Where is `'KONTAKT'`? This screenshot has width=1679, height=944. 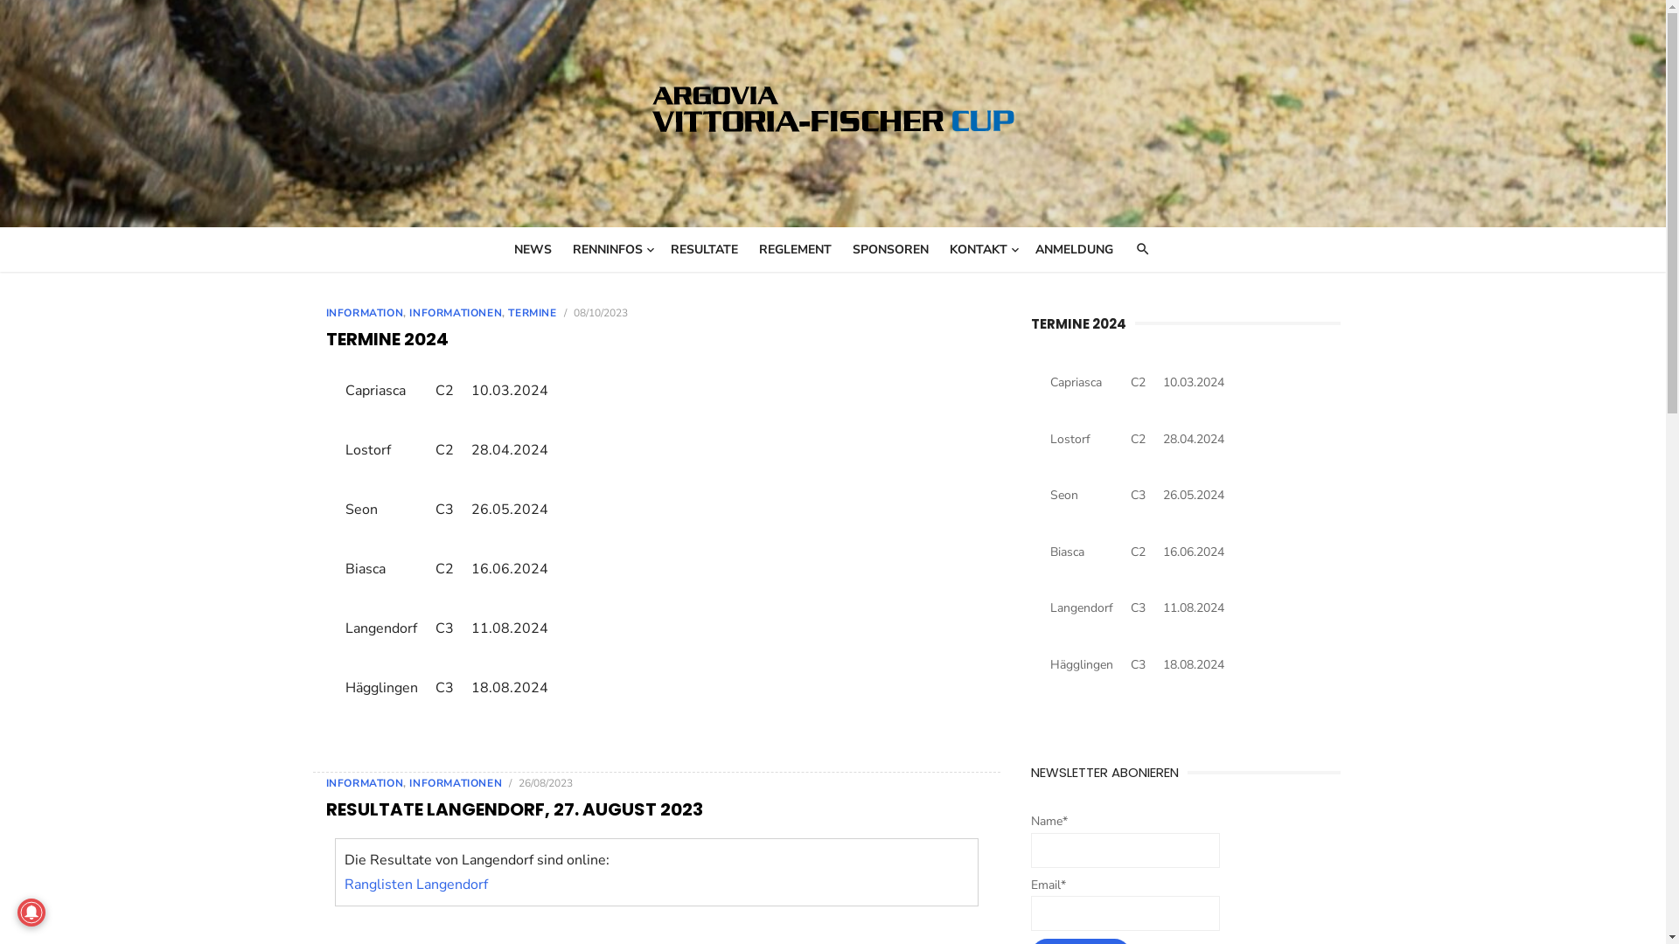
'KONTAKT' is located at coordinates (982, 249).